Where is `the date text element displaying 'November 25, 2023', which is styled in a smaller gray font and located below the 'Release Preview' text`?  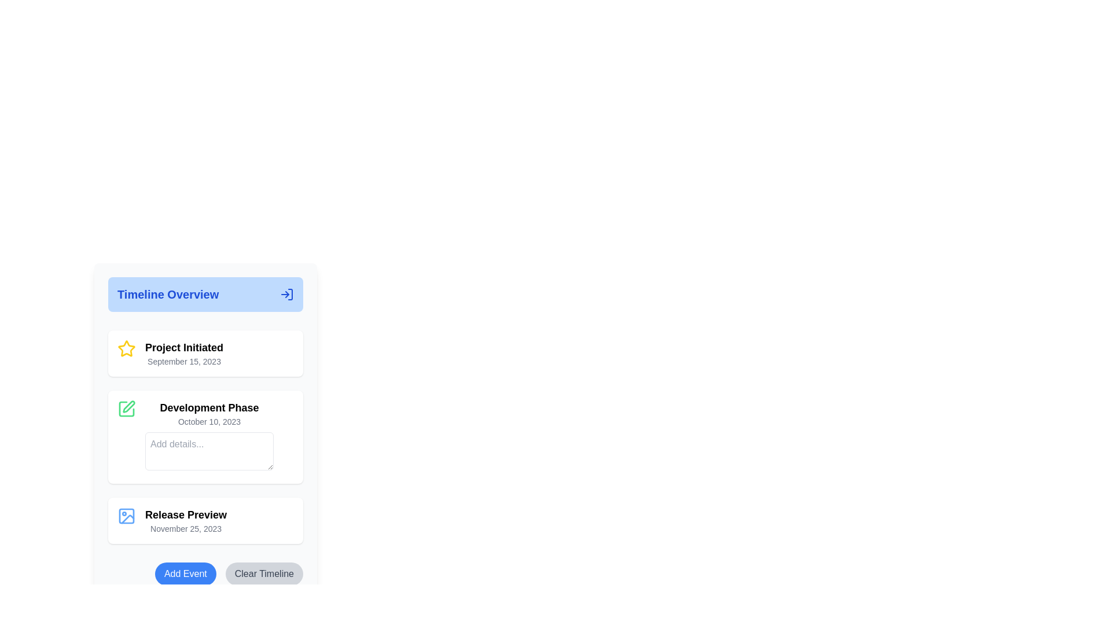 the date text element displaying 'November 25, 2023', which is styled in a smaller gray font and located below the 'Release Preview' text is located at coordinates (186, 529).